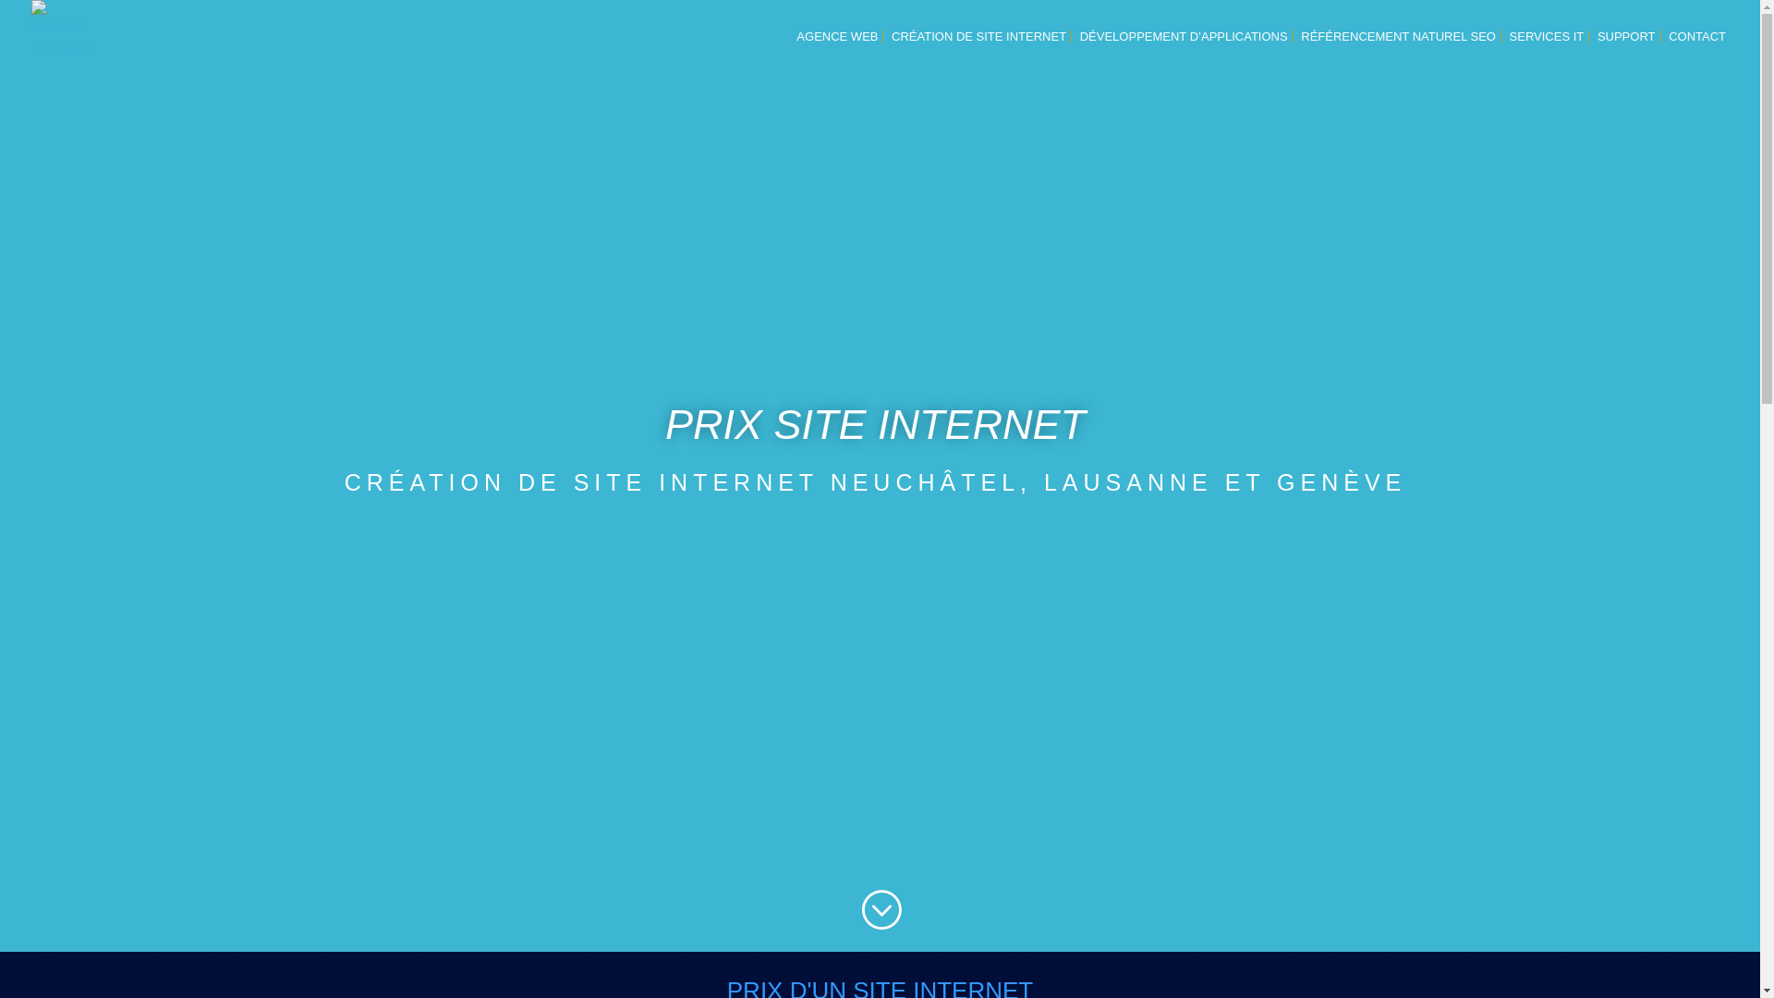 Image resolution: width=1774 pixels, height=998 pixels. Describe the element at coordinates (880, 909) in the screenshot. I see `';'` at that location.